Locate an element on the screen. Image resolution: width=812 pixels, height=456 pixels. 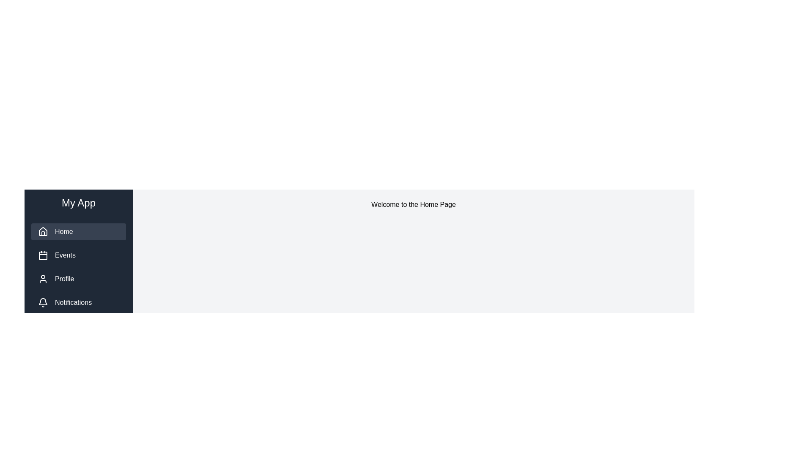
the 'Events' text element located in the vertical navigation menu, which is styled in white on a dark navy-blue background is located at coordinates (65, 255).